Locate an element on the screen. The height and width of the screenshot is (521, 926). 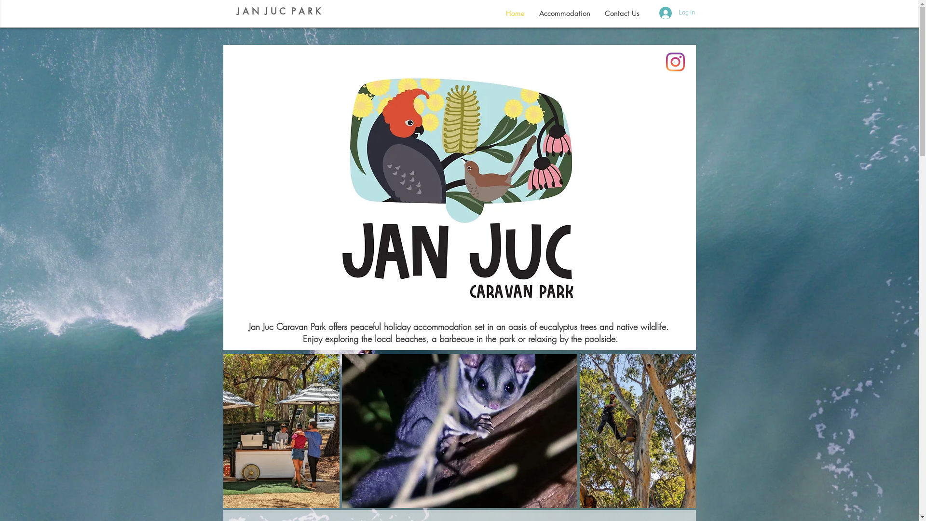
'Contact Us' is located at coordinates (622, 13).